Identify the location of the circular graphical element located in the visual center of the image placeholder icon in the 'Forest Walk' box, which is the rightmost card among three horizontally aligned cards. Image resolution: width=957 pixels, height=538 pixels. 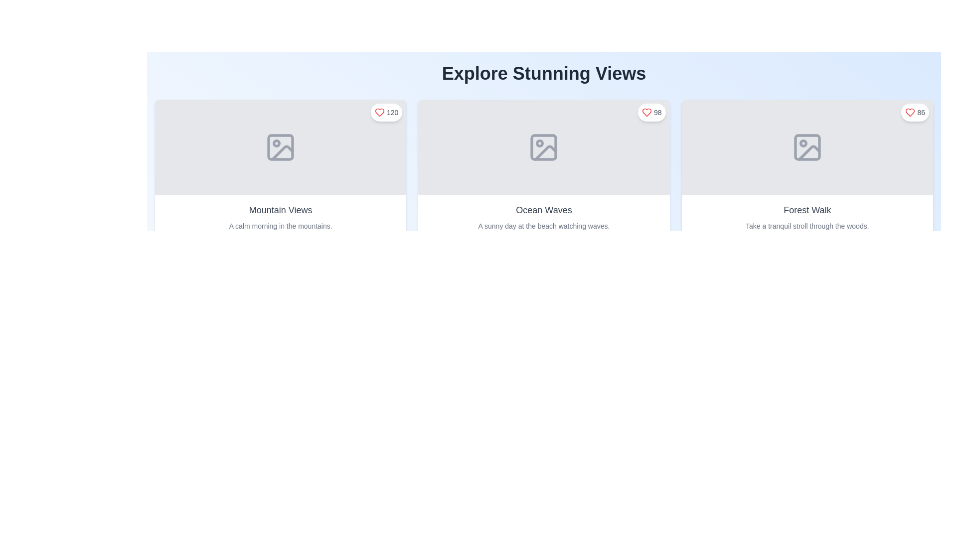
(803, 143).